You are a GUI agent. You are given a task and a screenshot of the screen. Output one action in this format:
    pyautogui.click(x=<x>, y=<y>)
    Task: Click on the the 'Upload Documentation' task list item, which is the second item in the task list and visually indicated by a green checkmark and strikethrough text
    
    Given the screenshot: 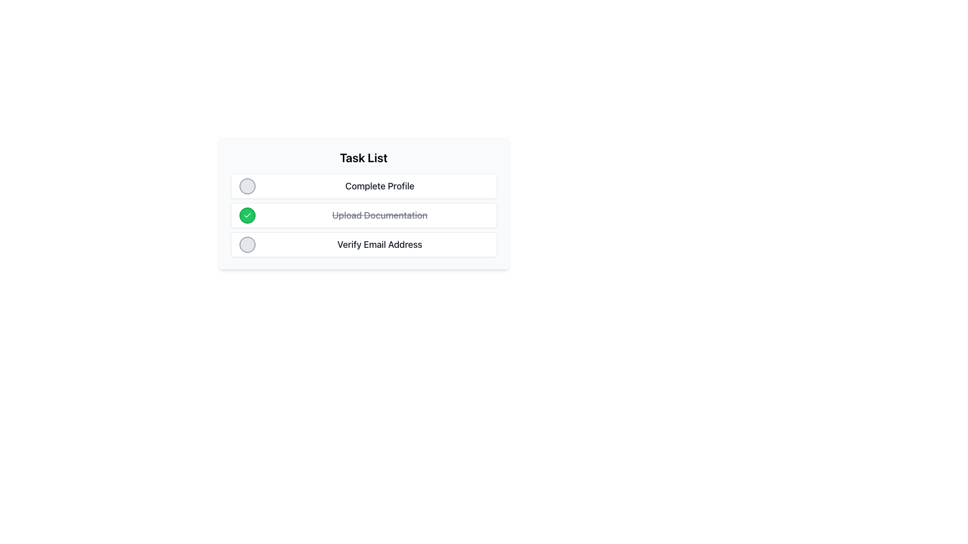 What is the action you would take?
    pyautogui.click(x=363, y=215)
    